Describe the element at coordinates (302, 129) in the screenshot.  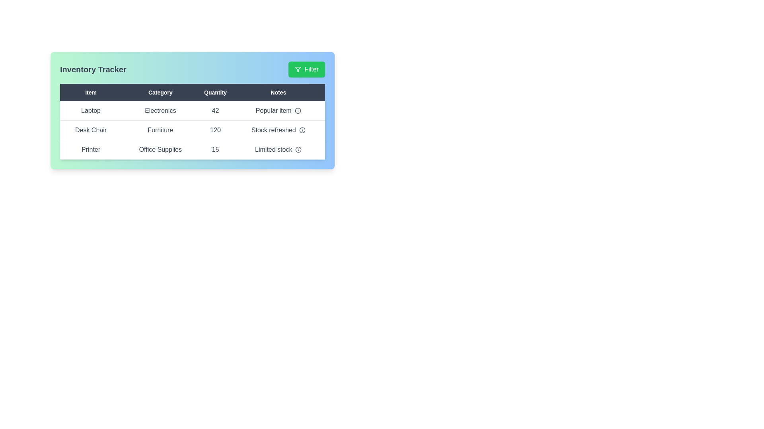
I see `the info icon in the 'Notes' column for the Desk Chair row` at that location.